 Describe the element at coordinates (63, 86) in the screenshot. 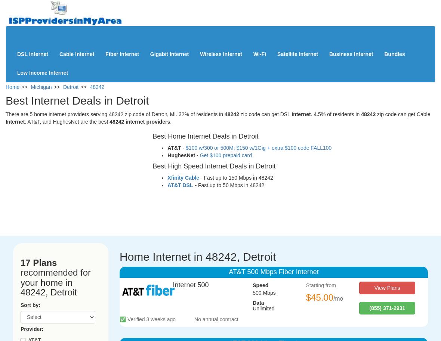

I see `'Detroit'` at that location.